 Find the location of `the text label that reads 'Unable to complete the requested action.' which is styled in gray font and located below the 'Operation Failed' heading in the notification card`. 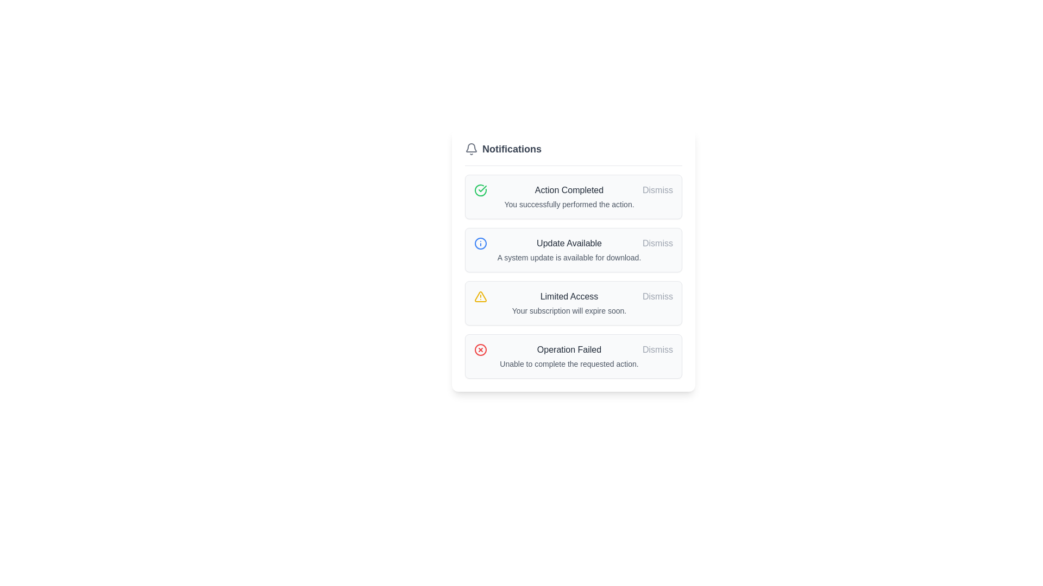

the text label that reads 'Unable to complete the requested action.' which is styled in gray font and located below the 'Operation Failed' heading in the notification card is located at coordinates (568, 364).